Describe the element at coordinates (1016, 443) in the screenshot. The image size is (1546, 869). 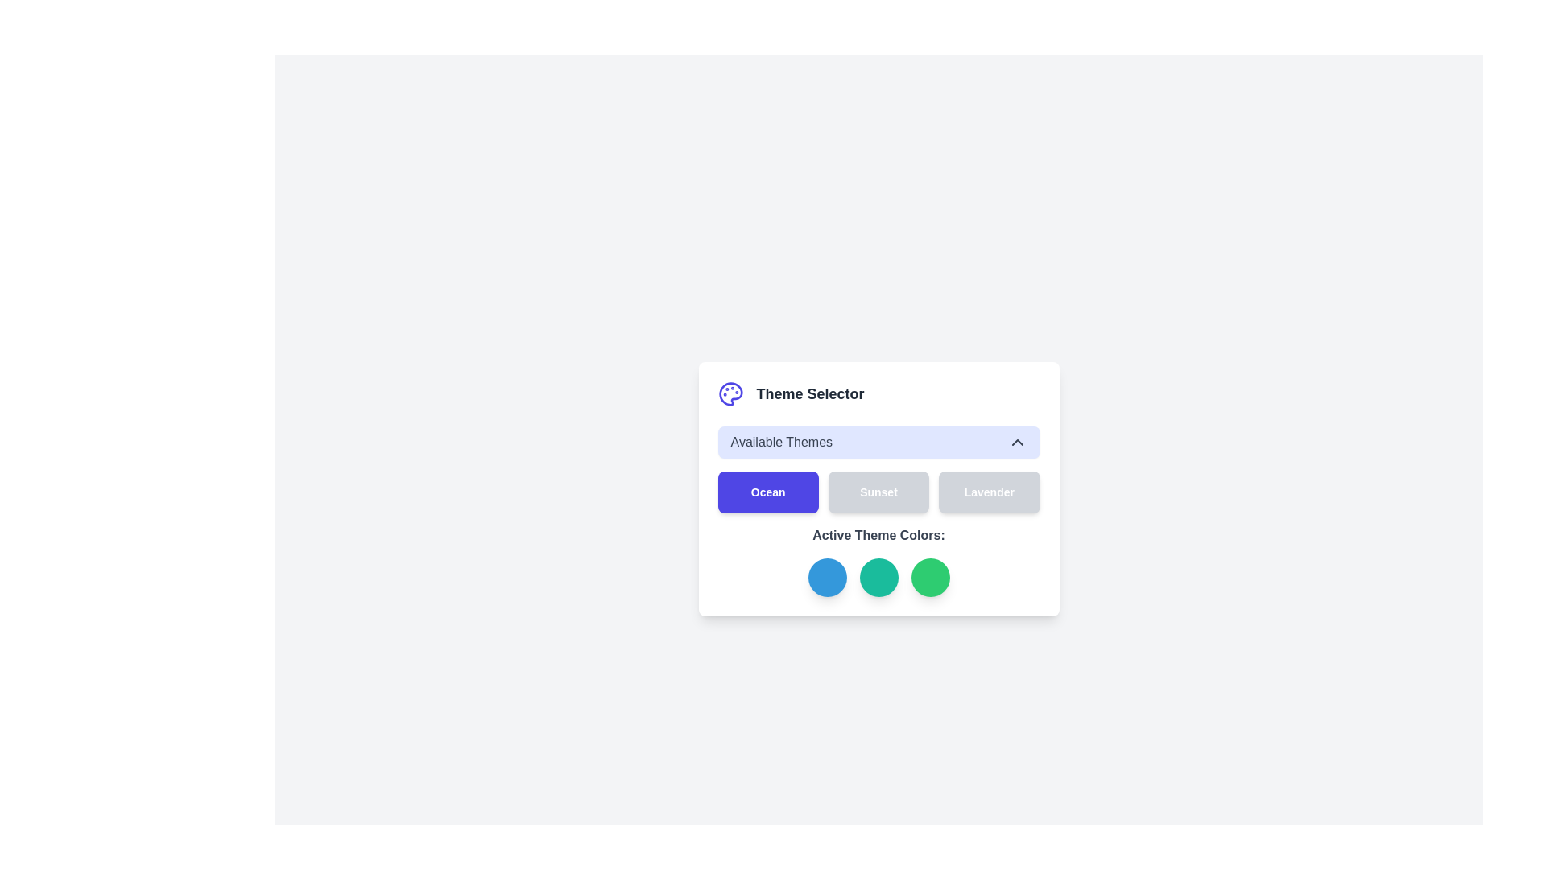
I see `the upward chevron arrow icon located in the top-right area of the 'Available Themes' section` at that location.